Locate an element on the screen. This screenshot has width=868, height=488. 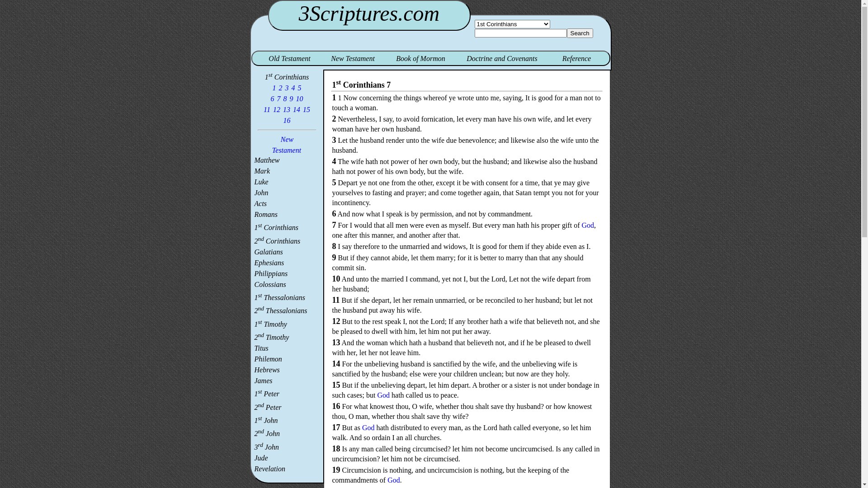
'12' is located at coordinates (276, 109).